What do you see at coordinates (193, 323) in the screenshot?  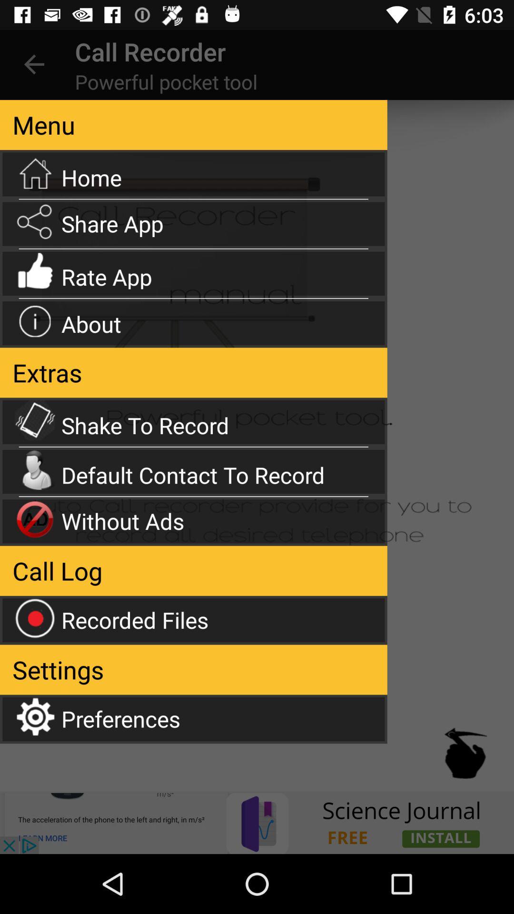 I see `the option about` at bounding box center [193, 323].